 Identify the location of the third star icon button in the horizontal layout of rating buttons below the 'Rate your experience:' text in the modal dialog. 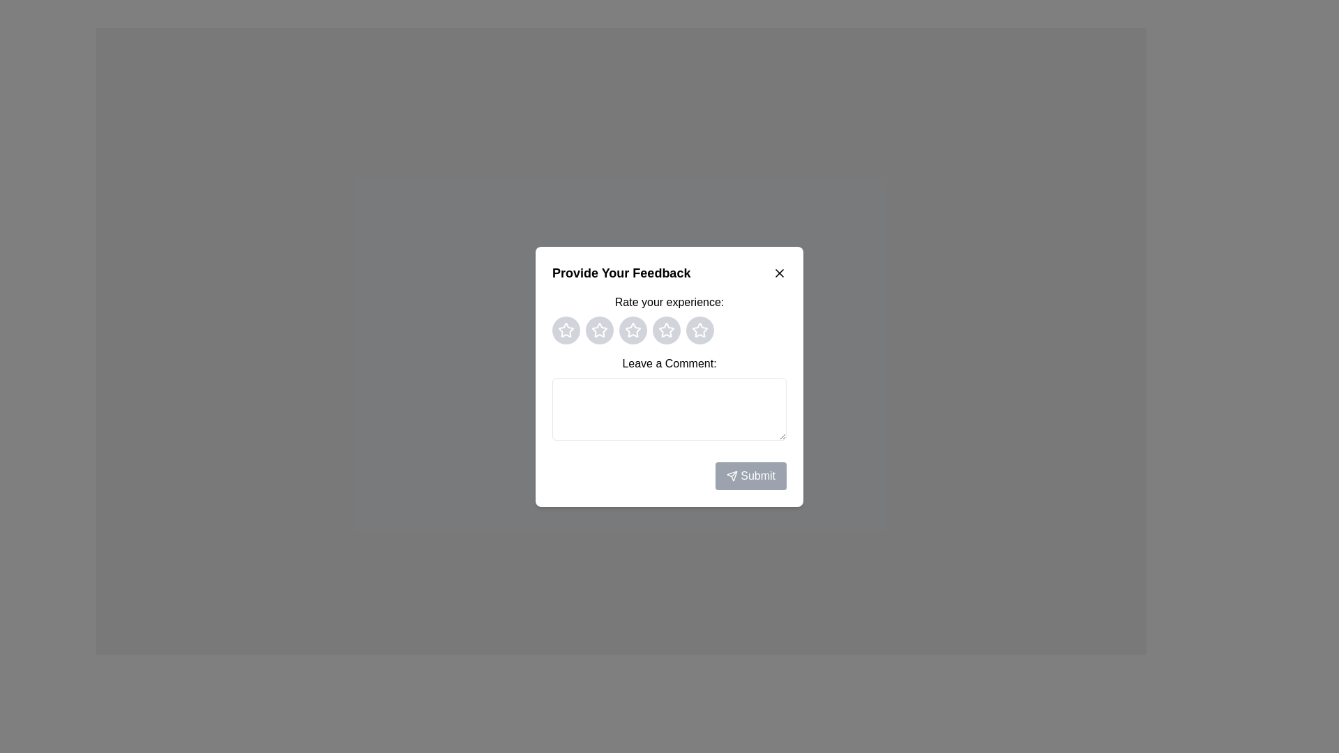
(669, 330).